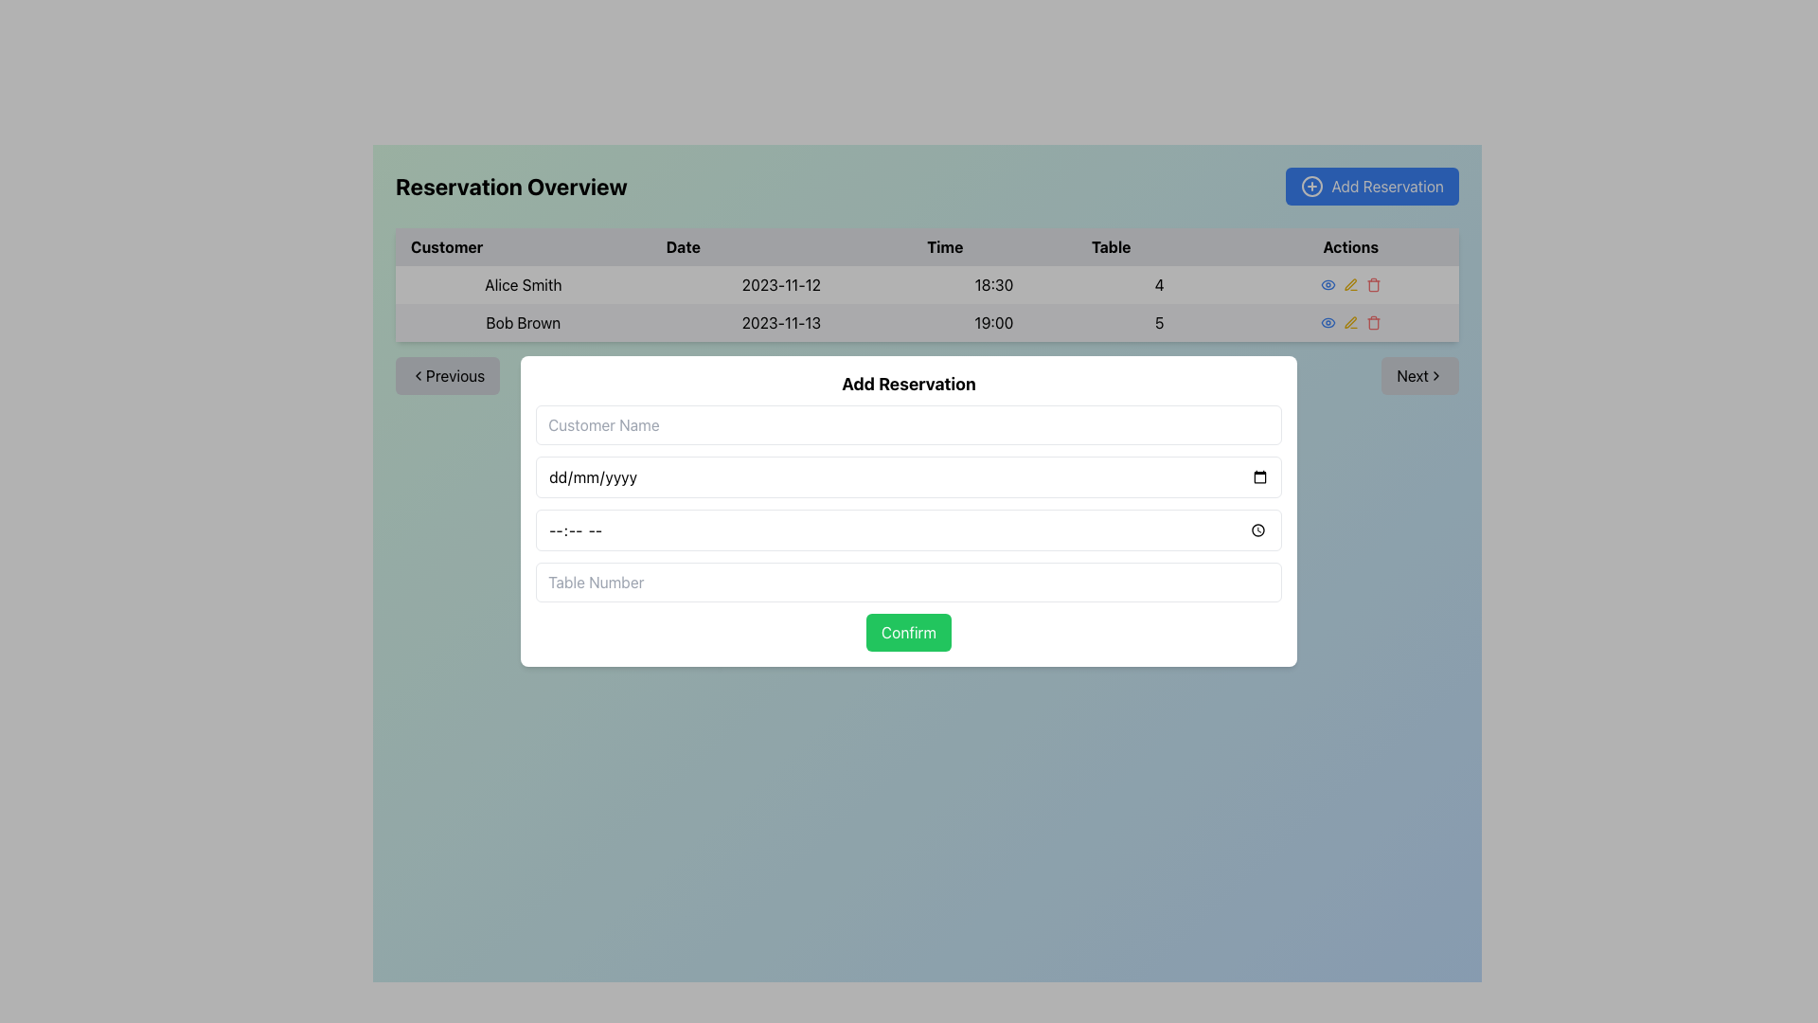  I want to click on the table cell displaying the text '19:00' in the third column of the second row under the 'Time' header, so click(993, 321).